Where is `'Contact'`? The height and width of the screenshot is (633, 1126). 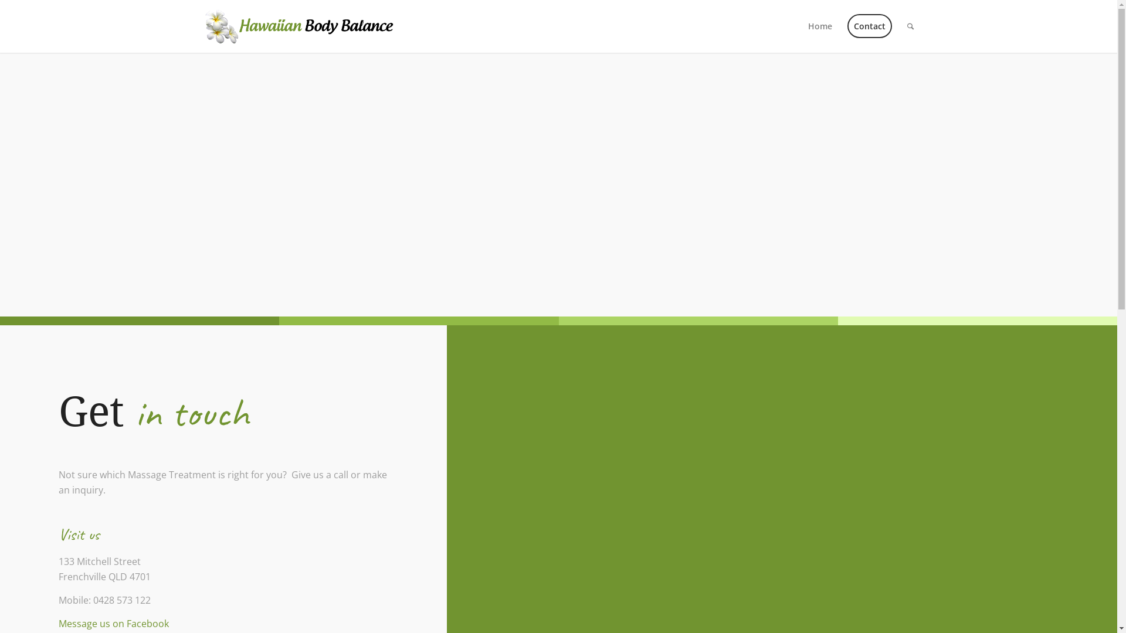 'Contact' is located at coordinates (870, 26).